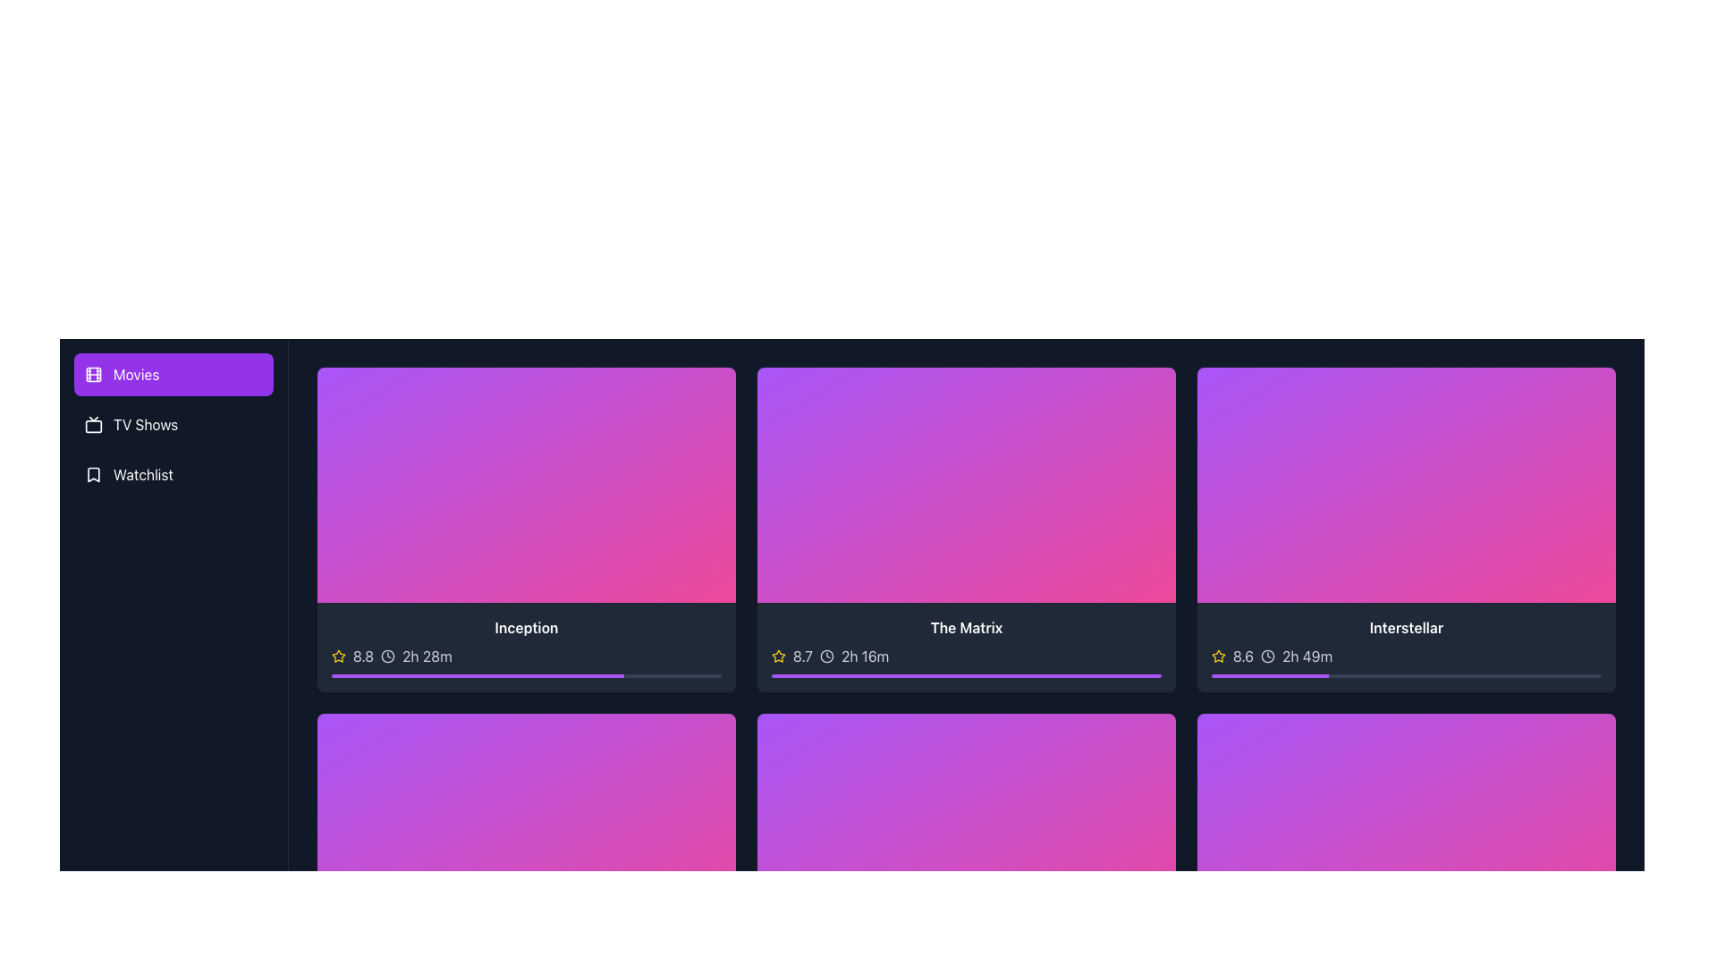  What do you see at coordinates (826, 657) in the screenshot?
I see `the circular base of the clock icon representing the duration of the movie 'The Matrix' in the second panel on the top row of the grid` at bounding box center [826, 657].